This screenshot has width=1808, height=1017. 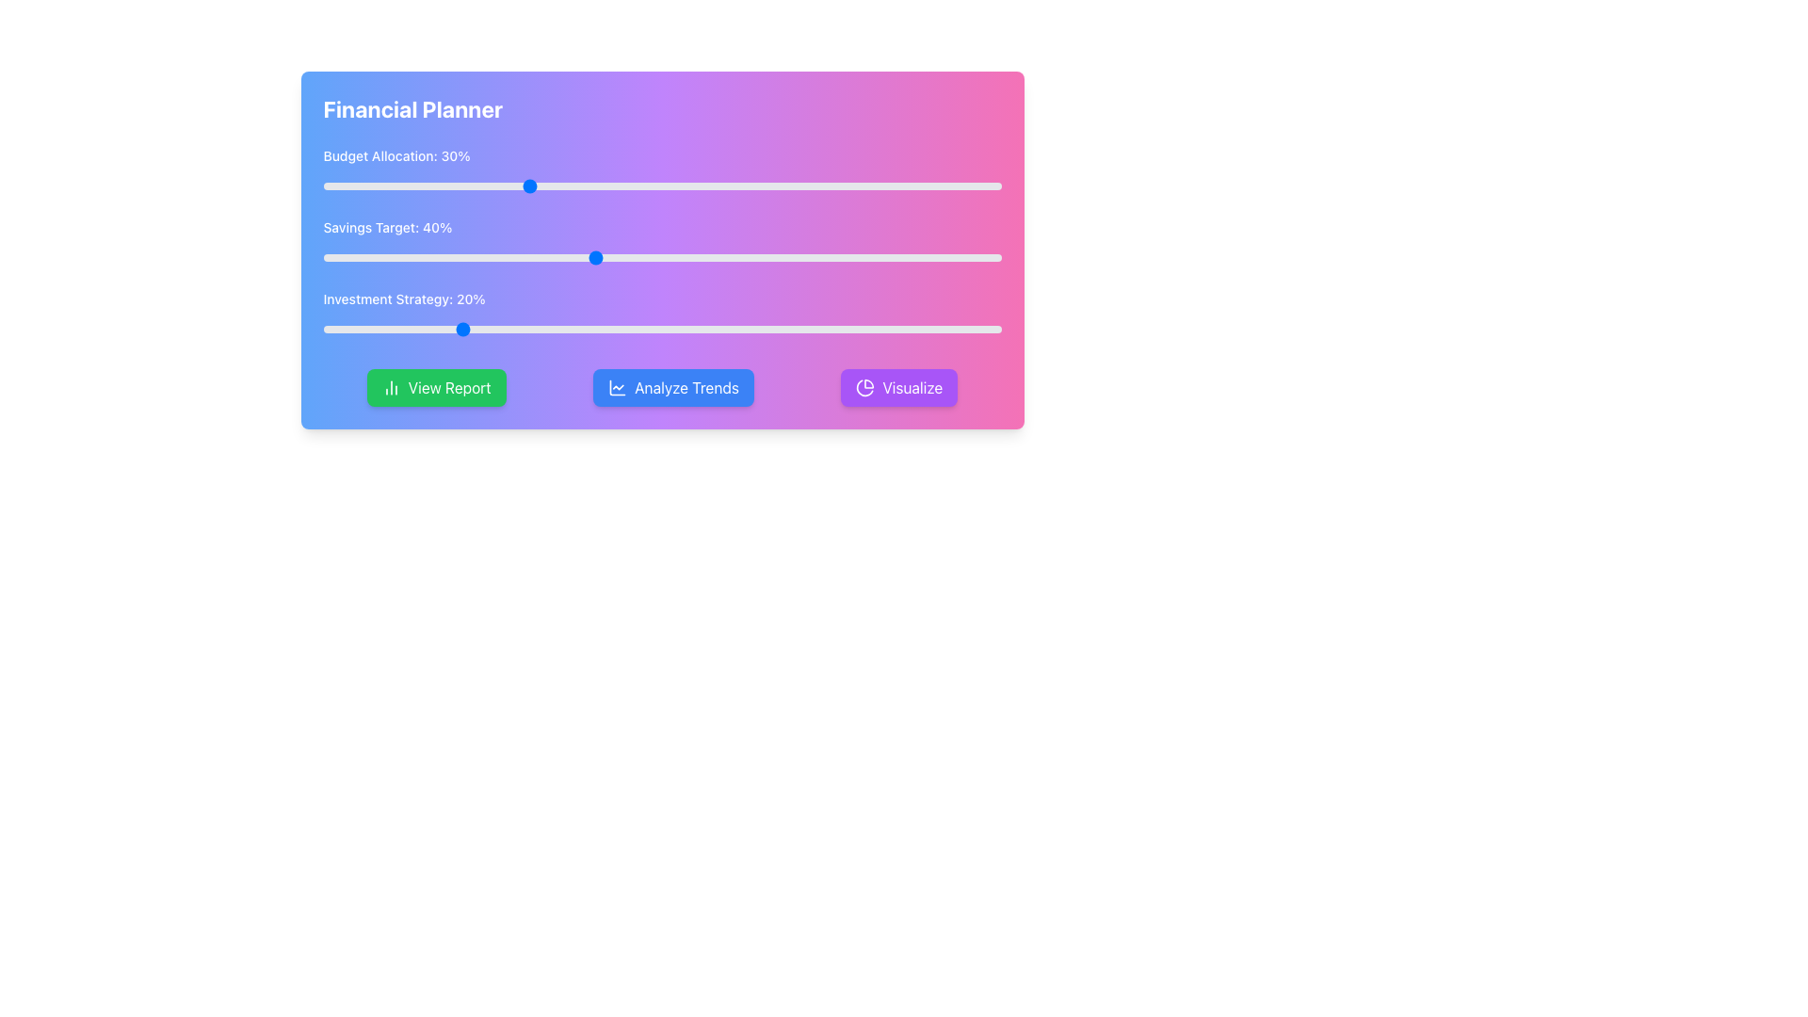 I want to click on the savings target, so click(x=459, y=257).